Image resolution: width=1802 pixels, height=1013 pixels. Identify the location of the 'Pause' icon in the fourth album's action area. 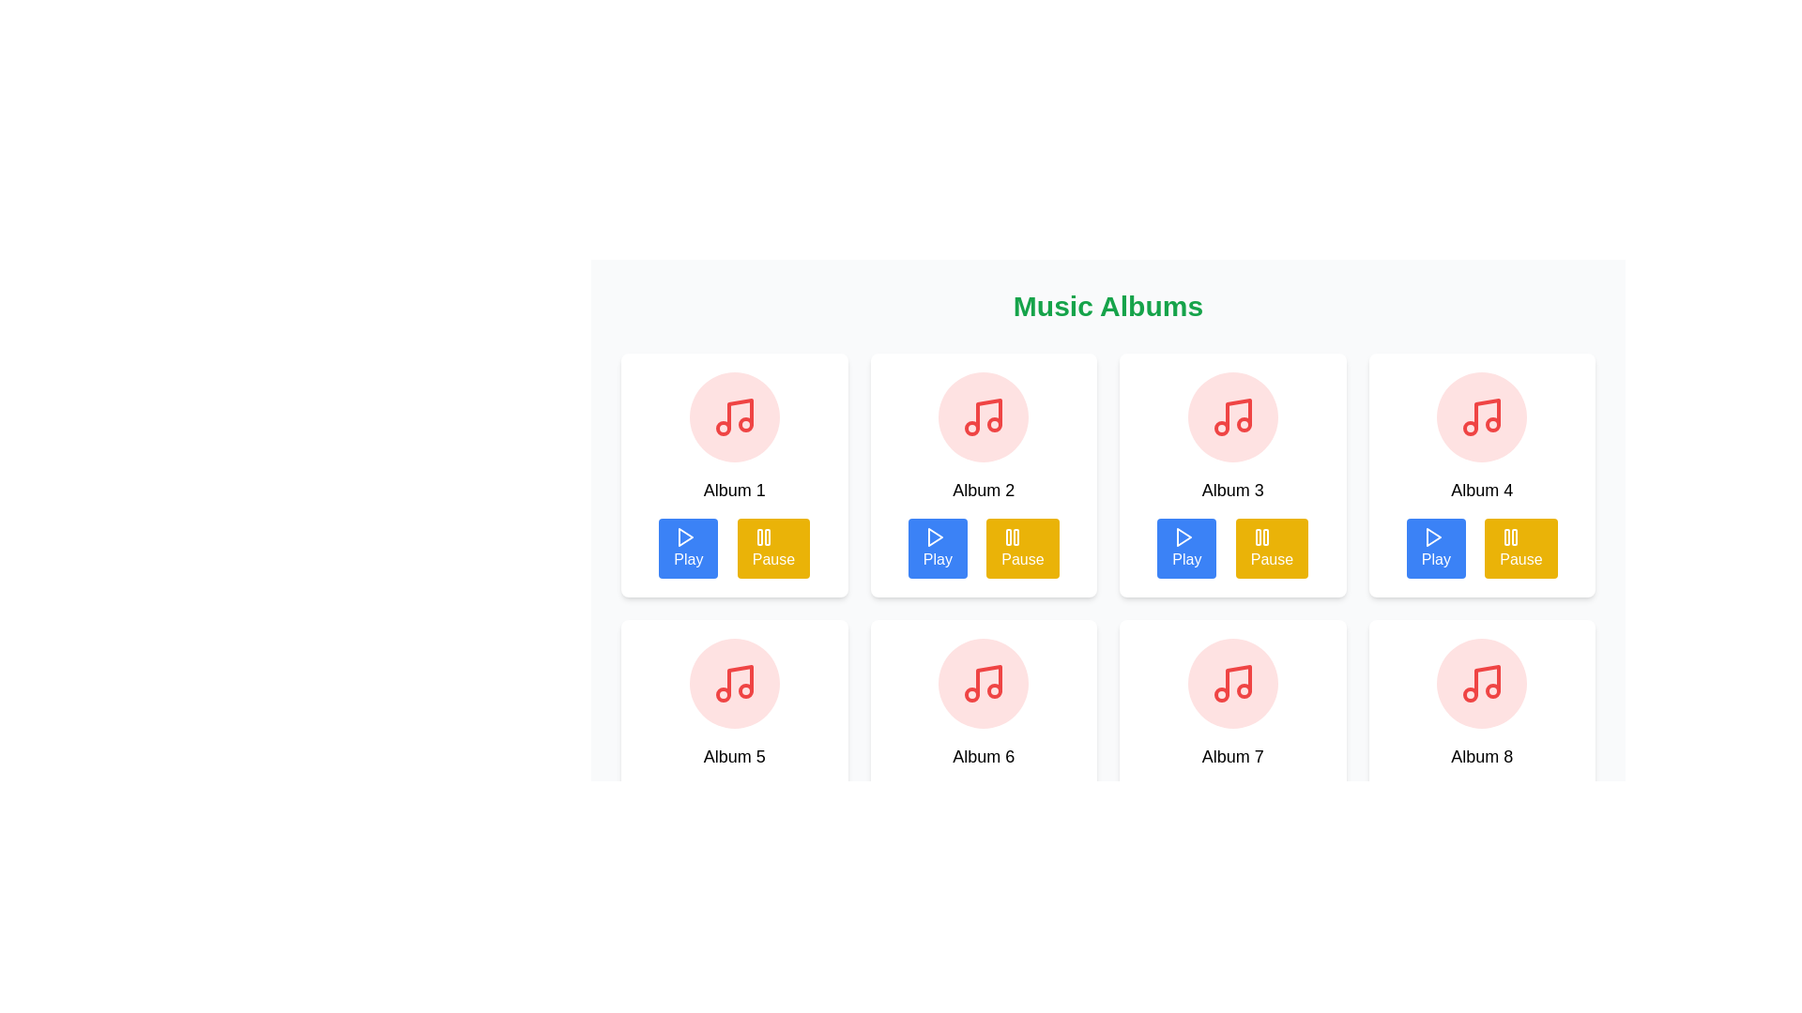
(1511, 537).